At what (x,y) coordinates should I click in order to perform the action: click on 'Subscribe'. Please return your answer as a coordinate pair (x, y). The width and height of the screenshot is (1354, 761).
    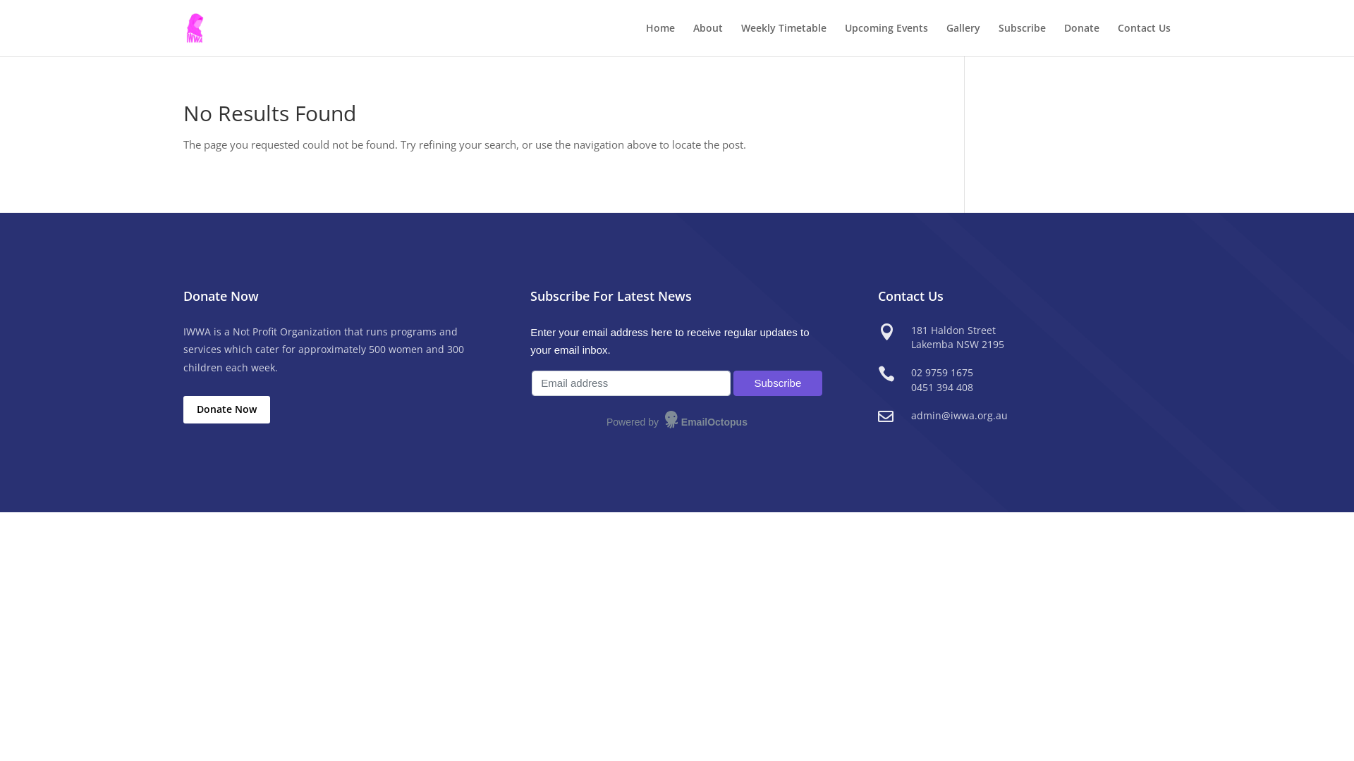
    Looking at the image, I should click on (777, 383).